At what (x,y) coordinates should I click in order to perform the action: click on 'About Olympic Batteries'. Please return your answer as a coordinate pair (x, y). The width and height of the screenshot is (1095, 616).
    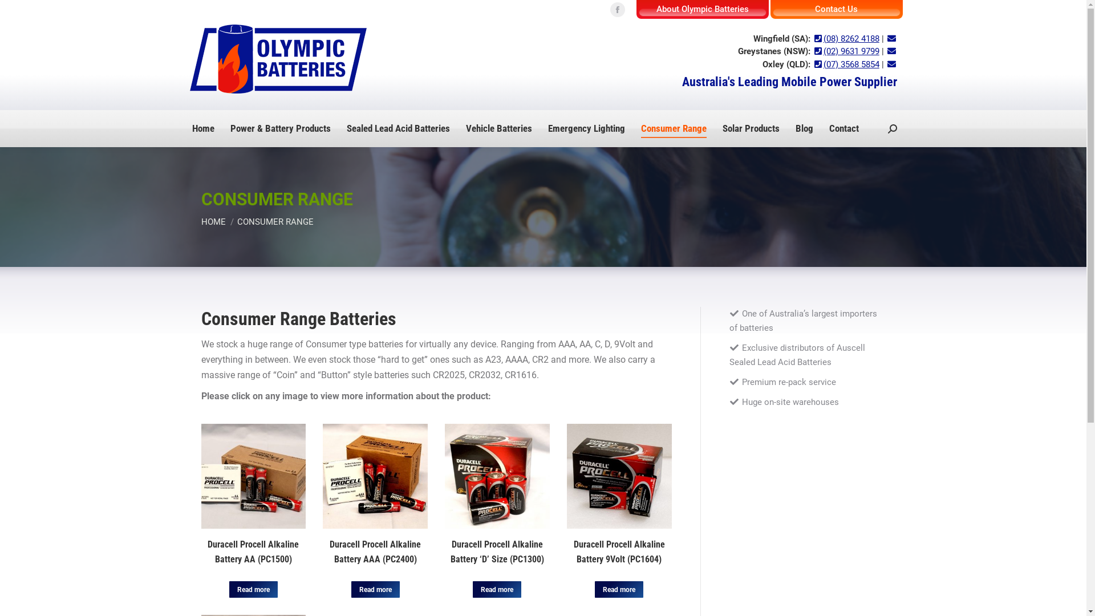
    Looking at the image, I should click on (702, 9).